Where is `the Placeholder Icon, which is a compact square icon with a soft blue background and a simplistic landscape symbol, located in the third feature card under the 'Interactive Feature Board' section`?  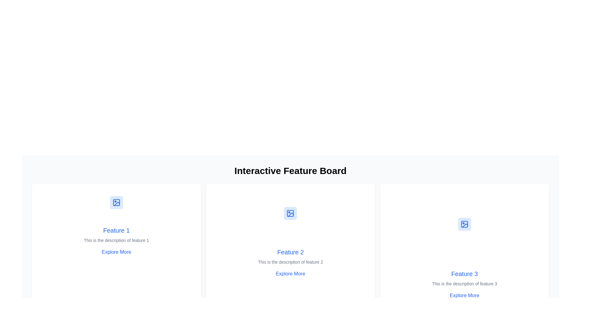
the Placeholder Icon, which is a compact square icon with a soft blue background and a simplistic landscape symbol, located in the third feature card under the 'Interactive Feature Board' section is located at coordinates (465, 224).